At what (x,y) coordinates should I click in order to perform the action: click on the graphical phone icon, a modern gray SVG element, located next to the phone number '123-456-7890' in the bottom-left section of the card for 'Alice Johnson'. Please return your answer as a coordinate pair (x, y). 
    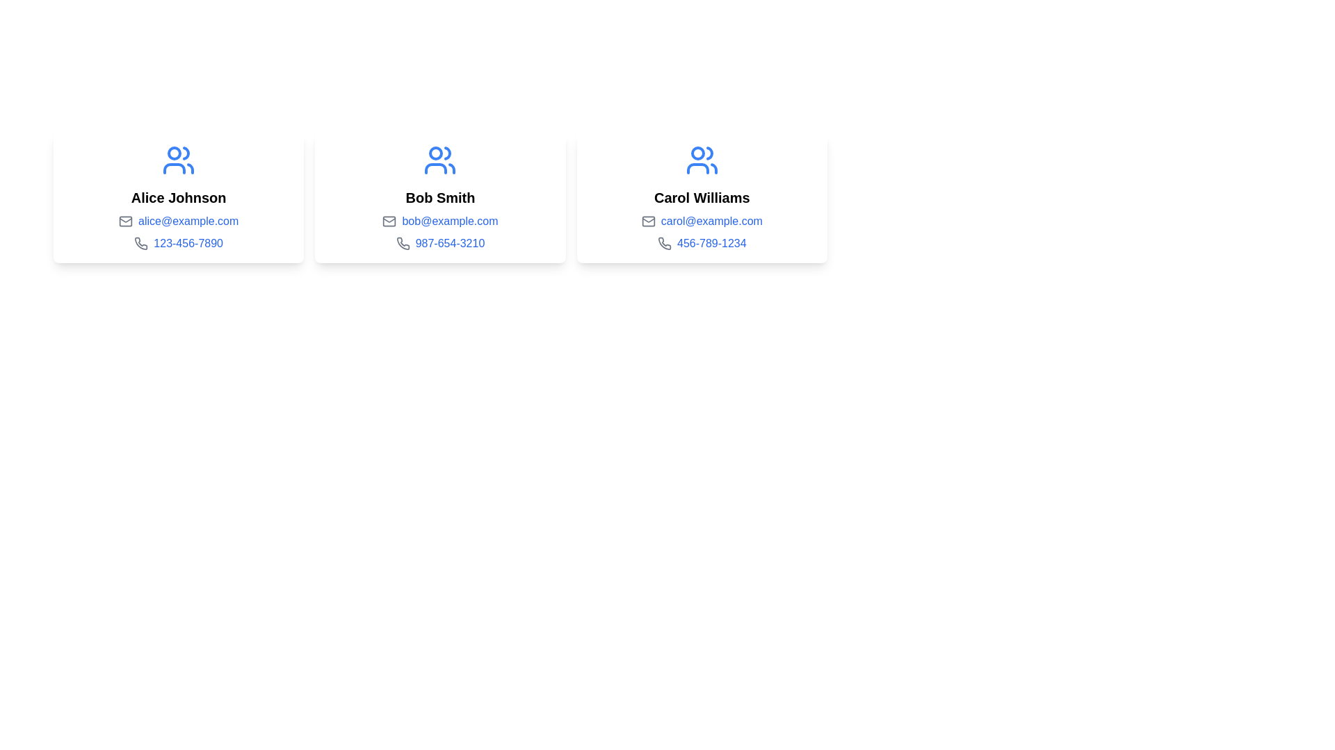
    Looking at the image, I should click on (141, 243).